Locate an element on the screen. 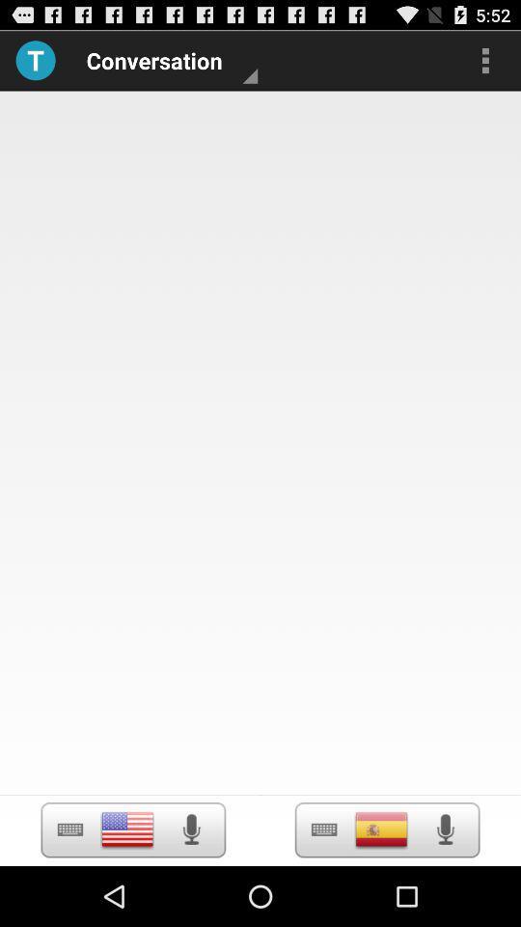  the settings option is located at coordinates (69, 829).